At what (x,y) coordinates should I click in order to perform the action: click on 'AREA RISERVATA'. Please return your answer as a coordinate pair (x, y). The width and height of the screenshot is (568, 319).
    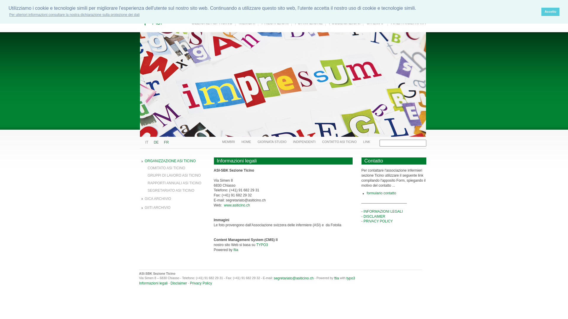
    Looking at the image, I should click on (388, 22).